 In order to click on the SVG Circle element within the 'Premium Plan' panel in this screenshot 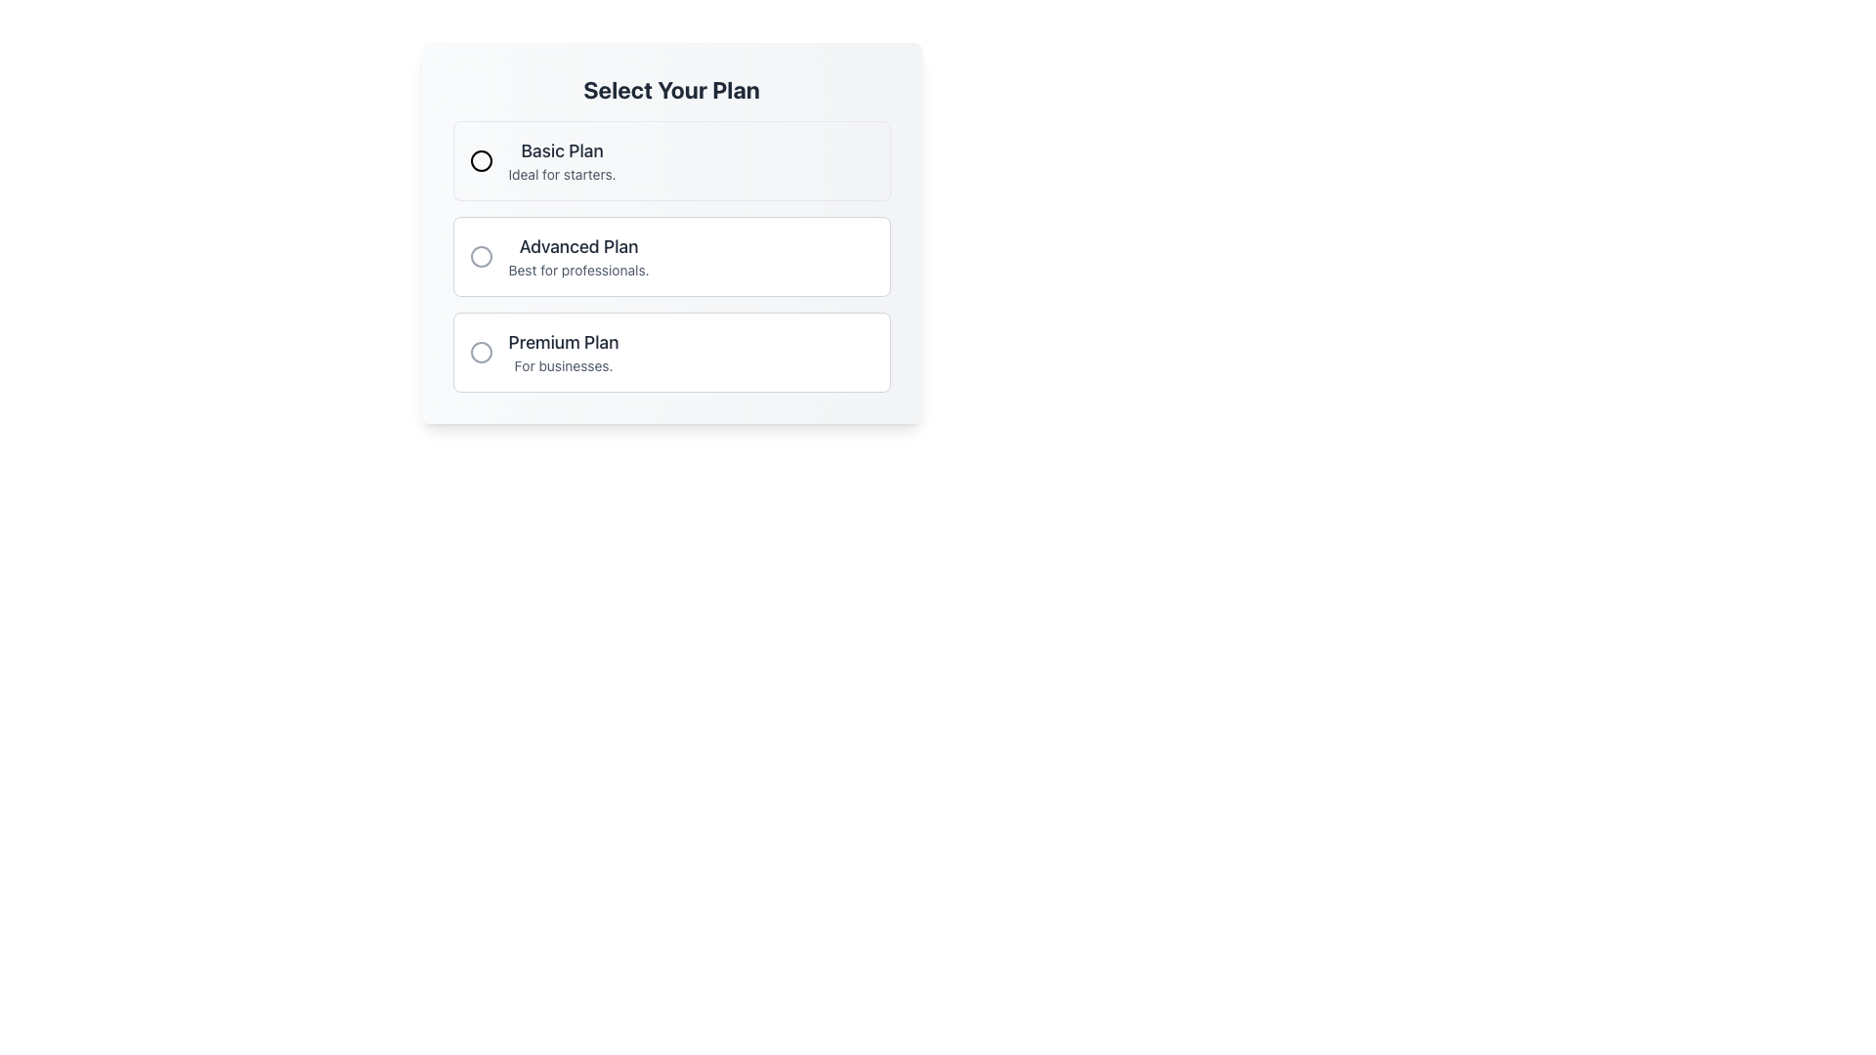, I will do `click(481, 353)`.